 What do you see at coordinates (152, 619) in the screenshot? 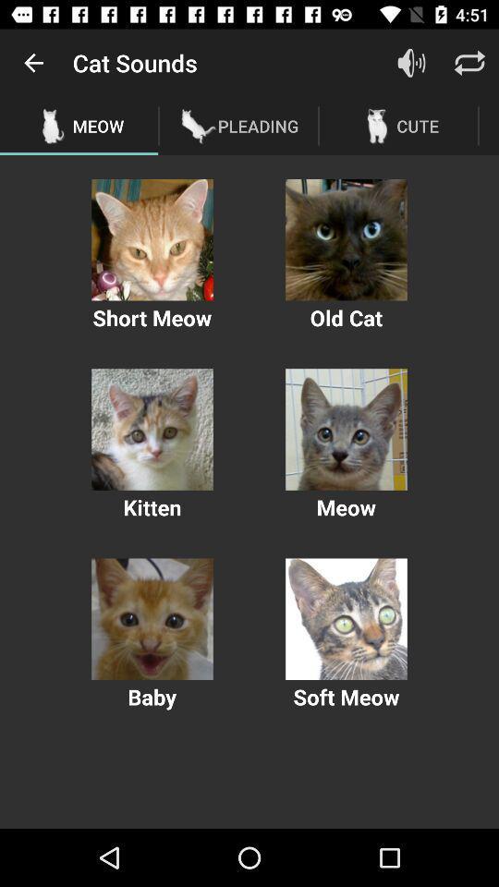
I see `baby cat sound` at bounding box center [152, 619].